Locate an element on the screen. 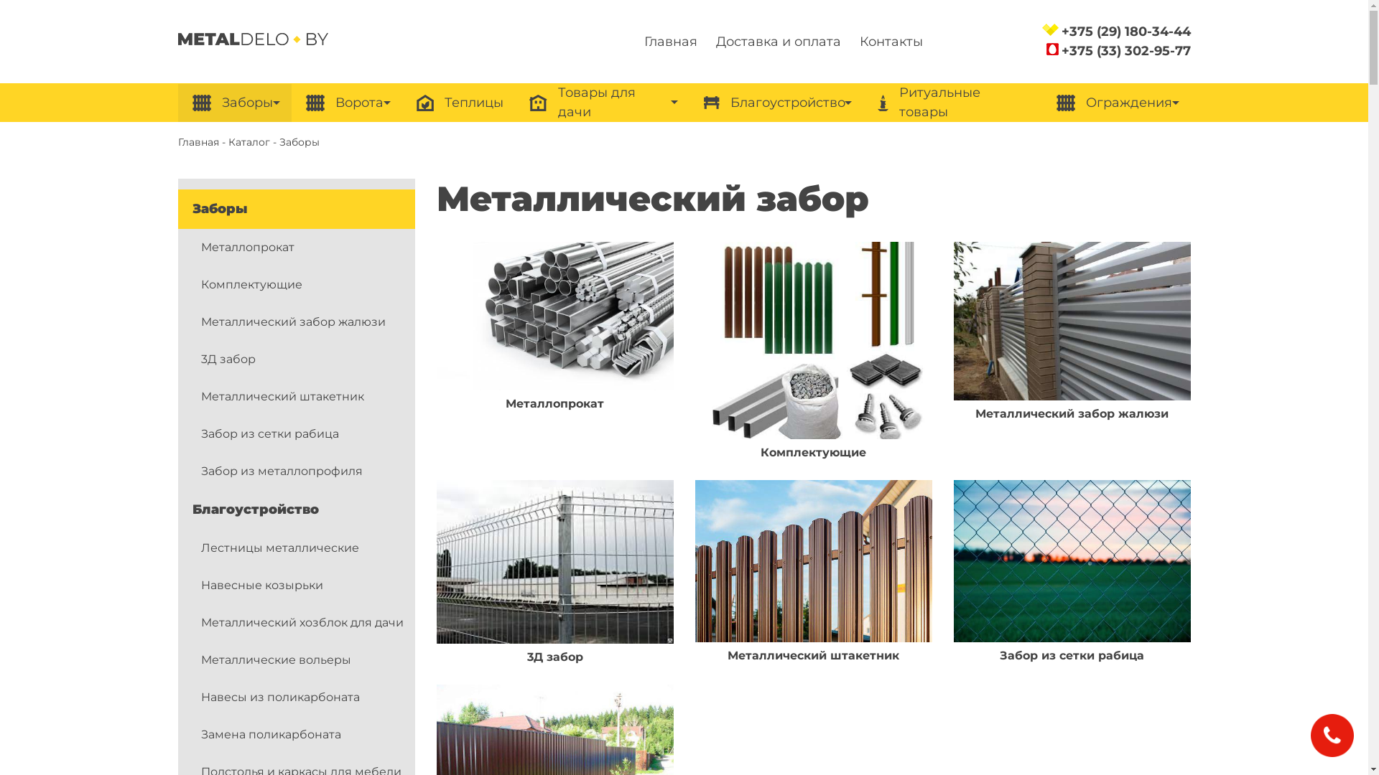 The width and height of the screenshot is (1379, 775). '+375 (33) 302-95-77' is located at coordinates (1125, 50).